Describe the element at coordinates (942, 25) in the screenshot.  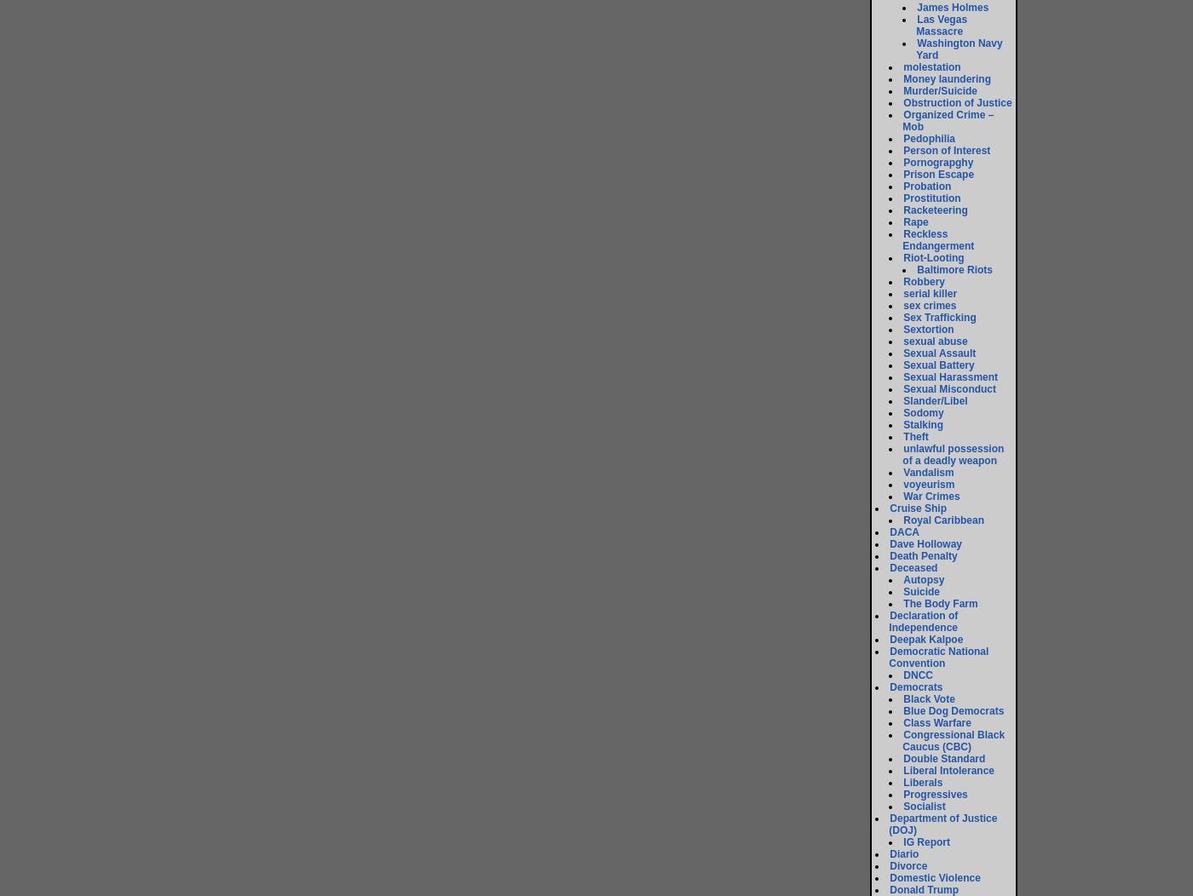
I see `'Las Vegas Massacre'` at that location.